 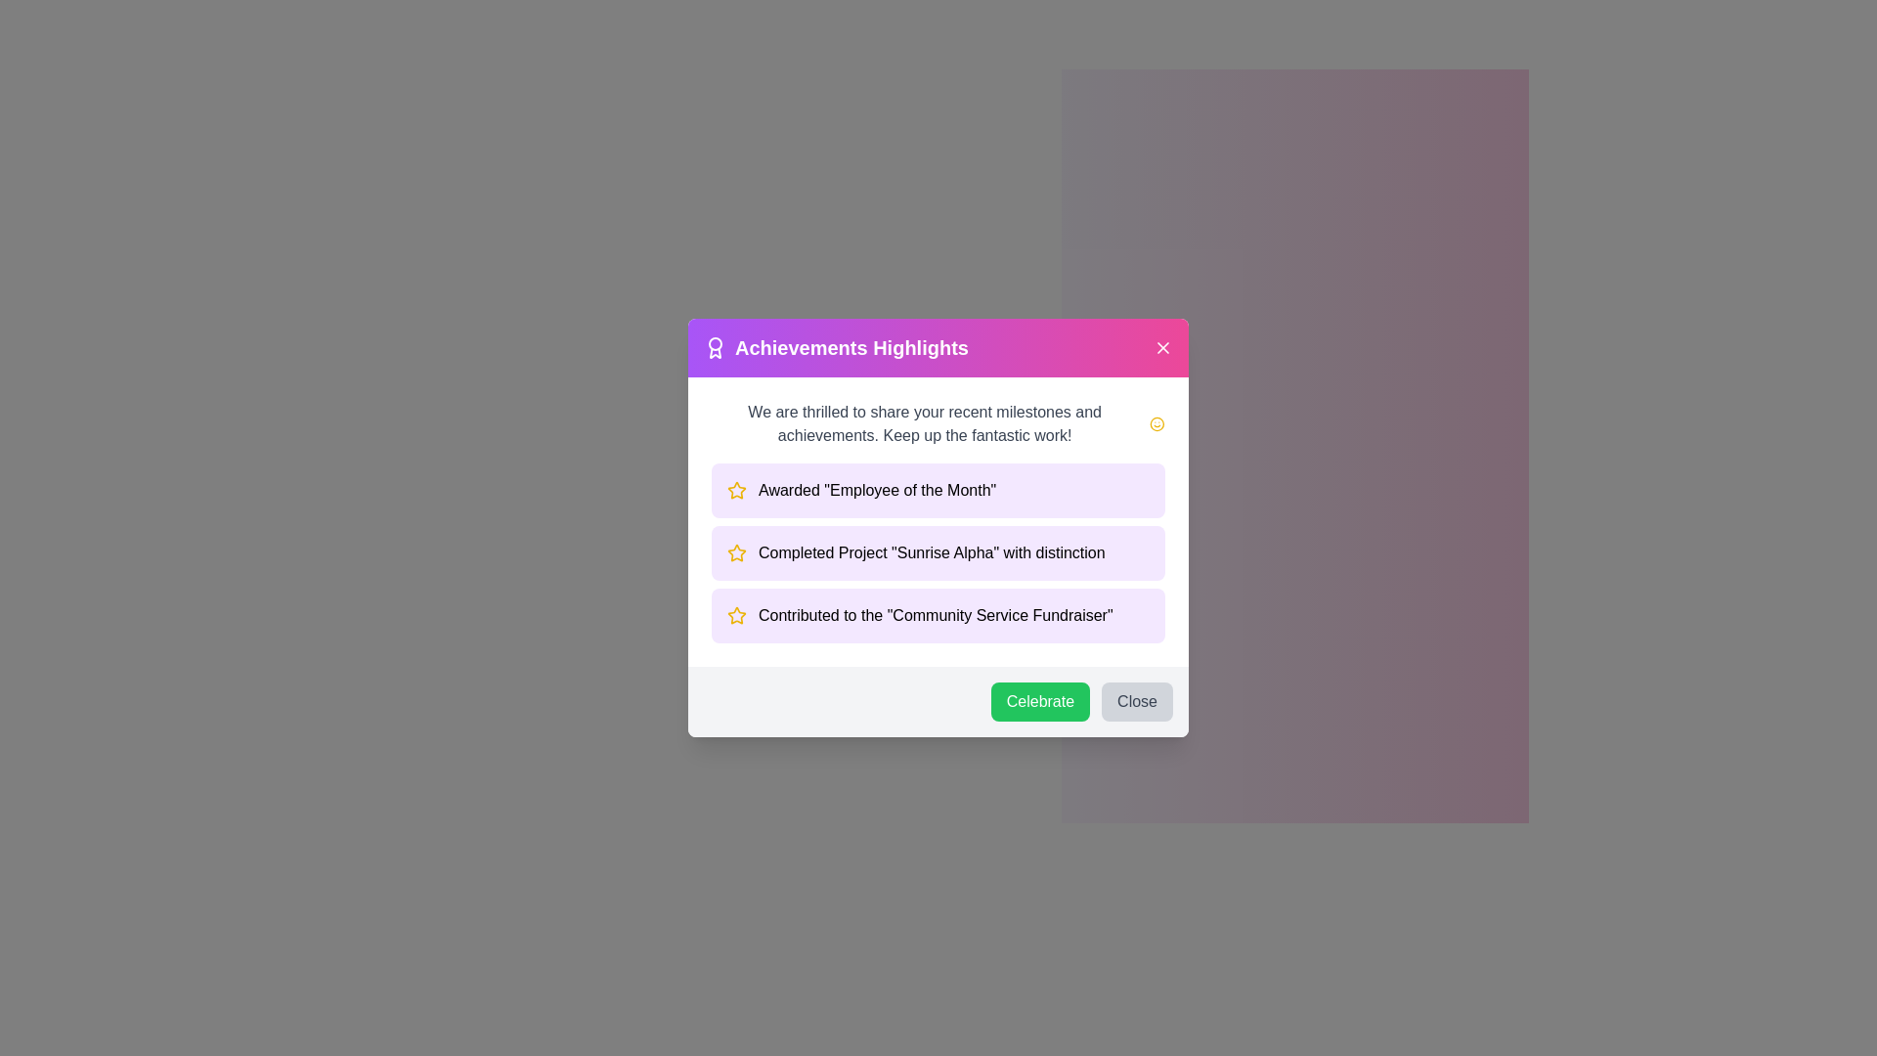 What do you see at coordinates (836, 346) in the screenshot?
I see `the 'Achievements Highlights' text block with a bold purple-to-pink gradient background, which features a small award-like icon to its left` at bounding box center [836, 346].